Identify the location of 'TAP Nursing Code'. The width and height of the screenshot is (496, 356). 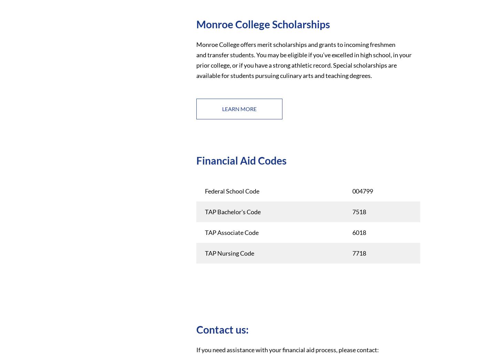
(229, 253).